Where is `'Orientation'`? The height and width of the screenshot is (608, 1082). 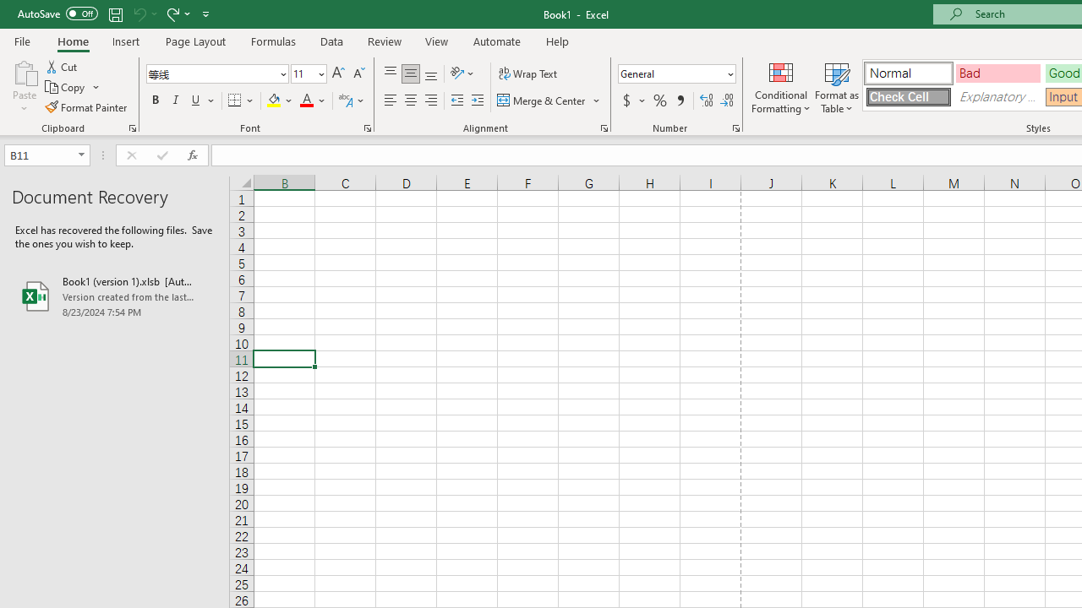
'Orientation' is located at coordinates (462, 73).